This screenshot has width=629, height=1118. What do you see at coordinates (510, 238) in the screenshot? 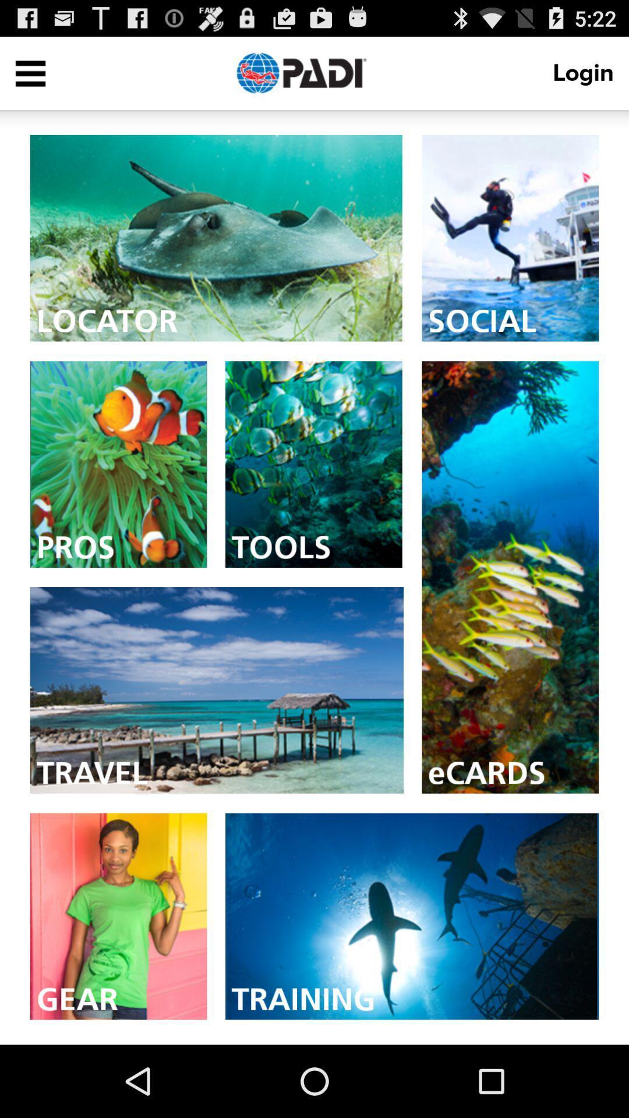
I see `image from social category` at bounding box center [510, 238].